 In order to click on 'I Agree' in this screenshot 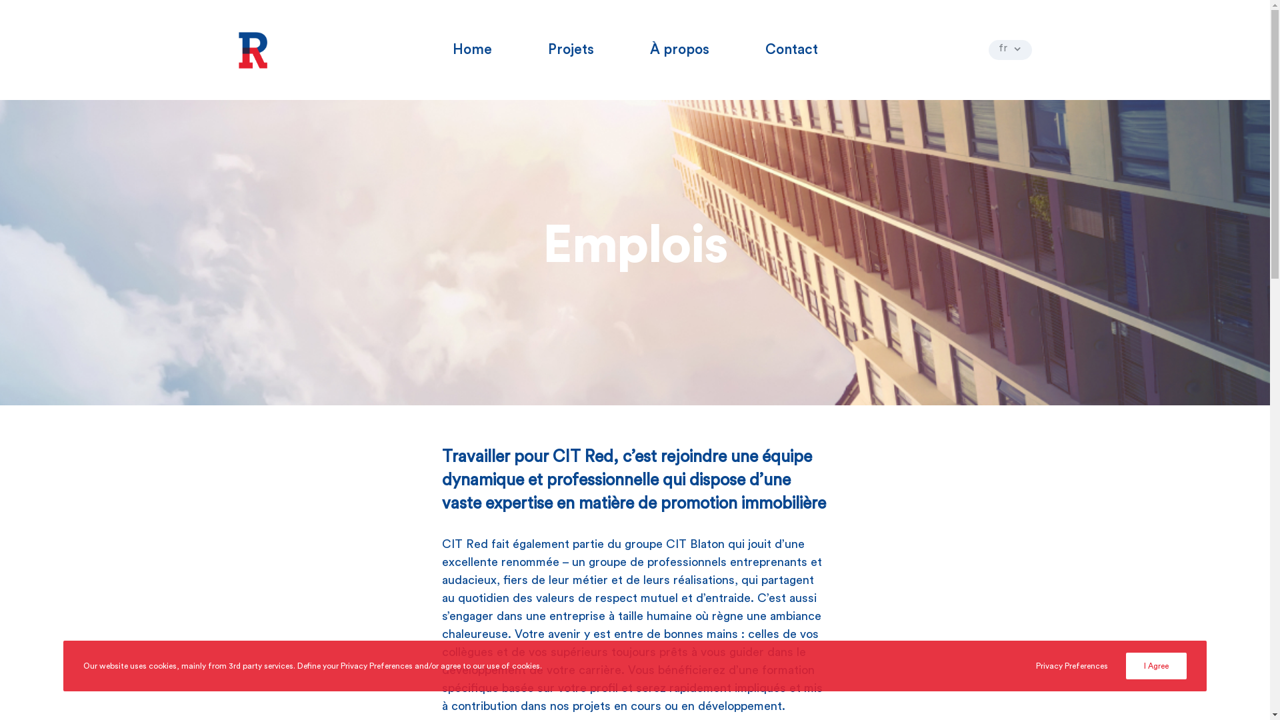, I will do `click(1125, 666)`.